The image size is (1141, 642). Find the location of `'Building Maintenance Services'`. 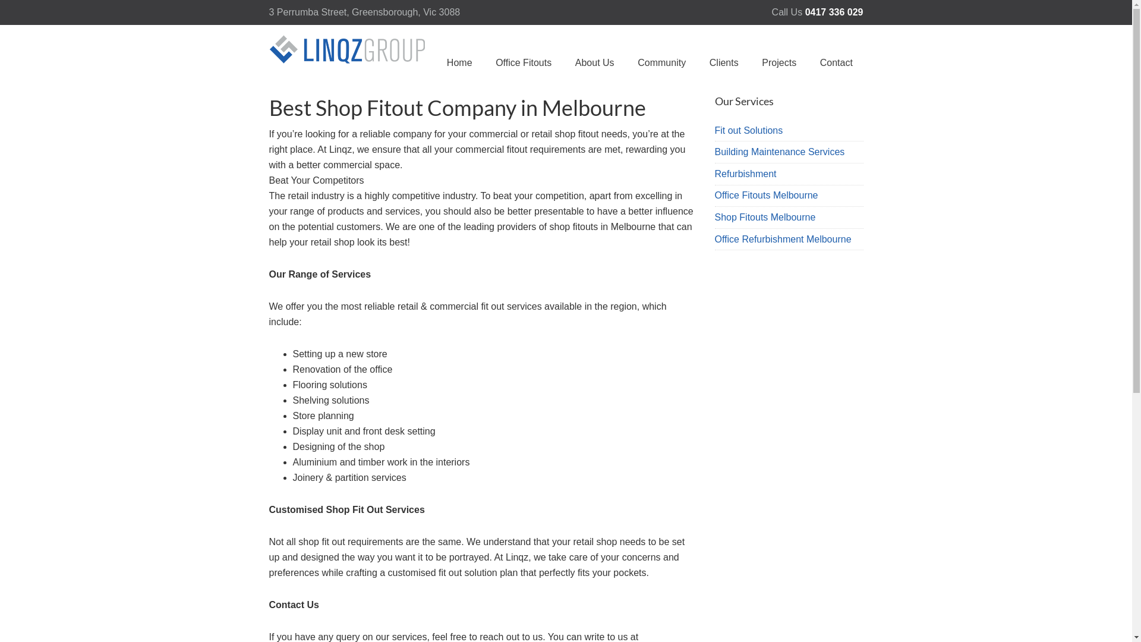

'Building Maintenance Services' is located at coordinates (788, 151).